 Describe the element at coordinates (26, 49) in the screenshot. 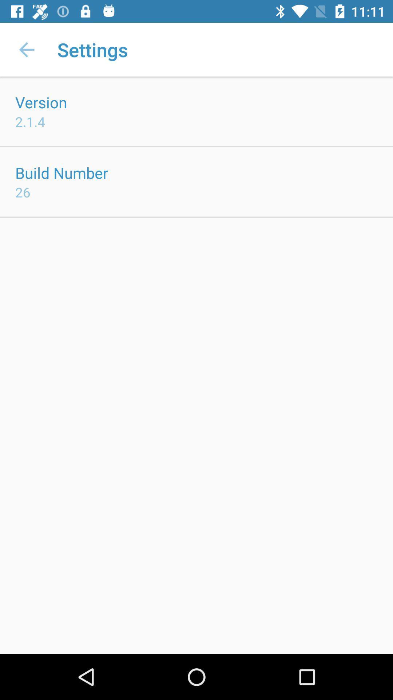

I see `icon above the version item` at that location.